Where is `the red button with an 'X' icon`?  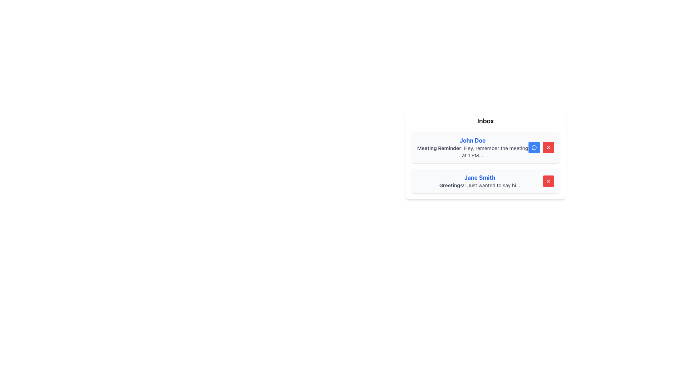 the red button with an 'X' icon is located at coordinates (548, 147).